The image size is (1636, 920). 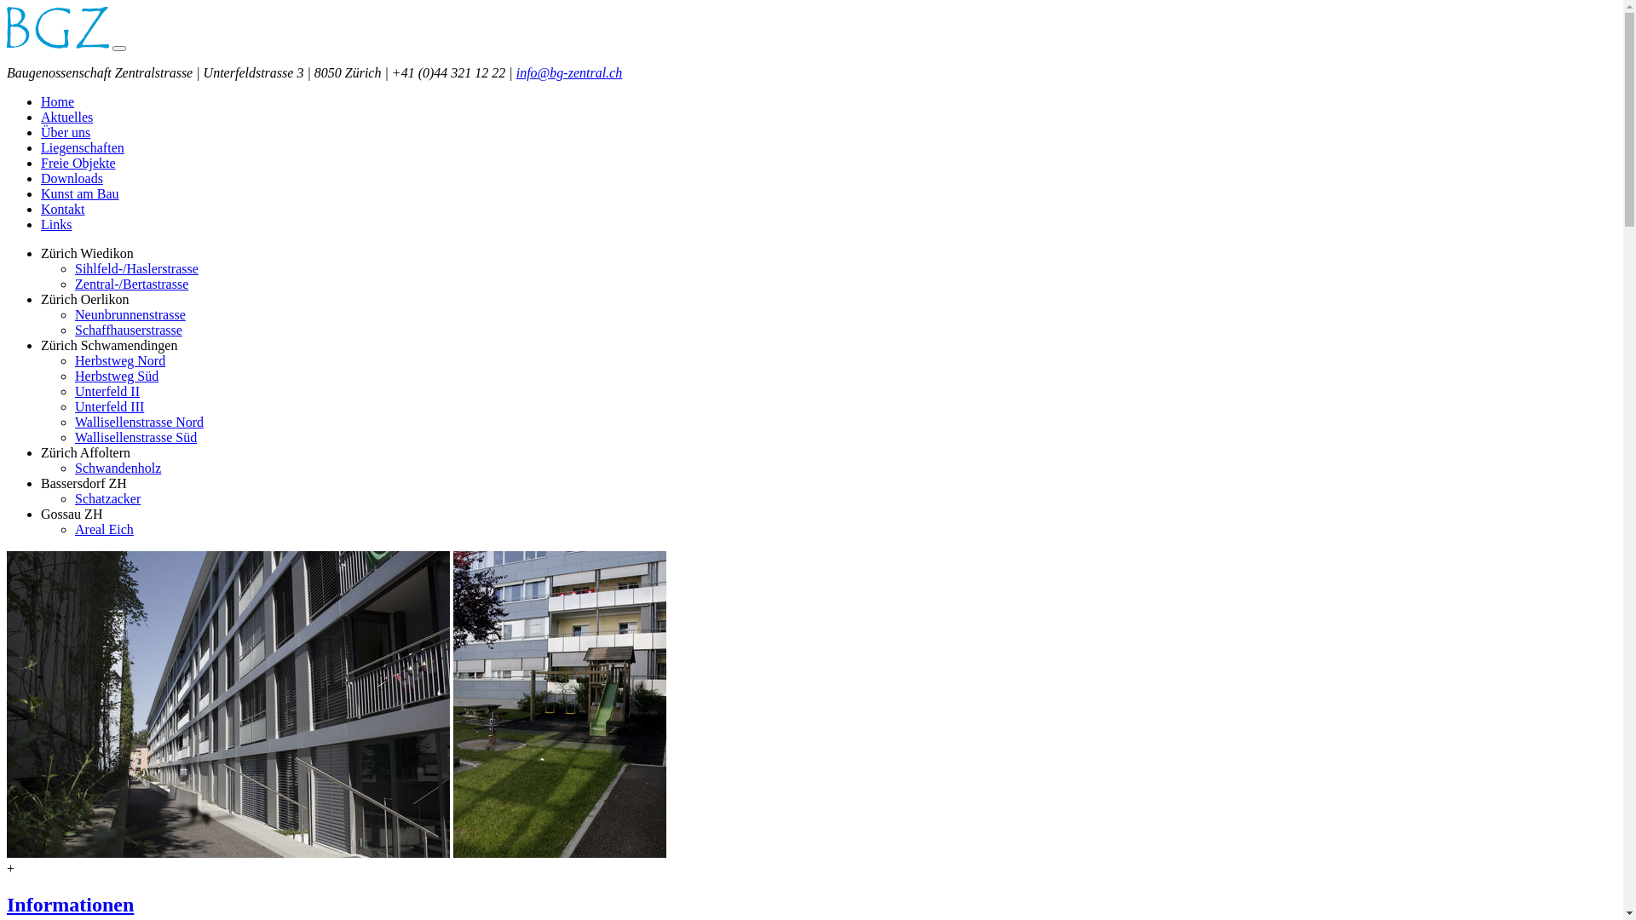 I want to click on 'info@bg-zentral.ch', so click(x=568, y=72).